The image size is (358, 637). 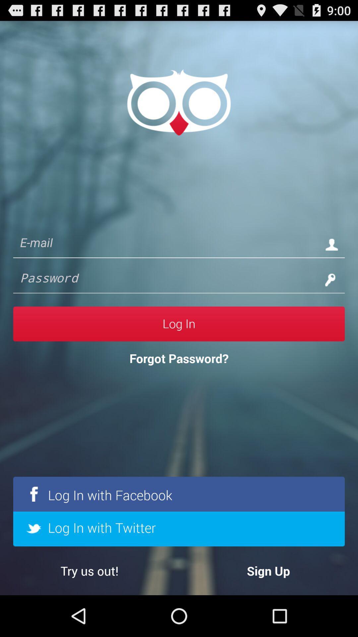 I want to click on for password, so click(x=165, y=280).